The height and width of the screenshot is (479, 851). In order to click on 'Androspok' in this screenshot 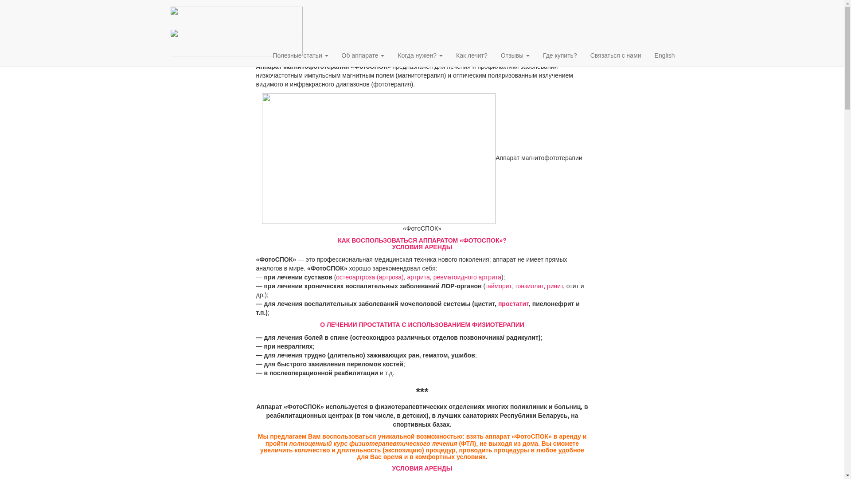, I will do `click(236, 32)`.